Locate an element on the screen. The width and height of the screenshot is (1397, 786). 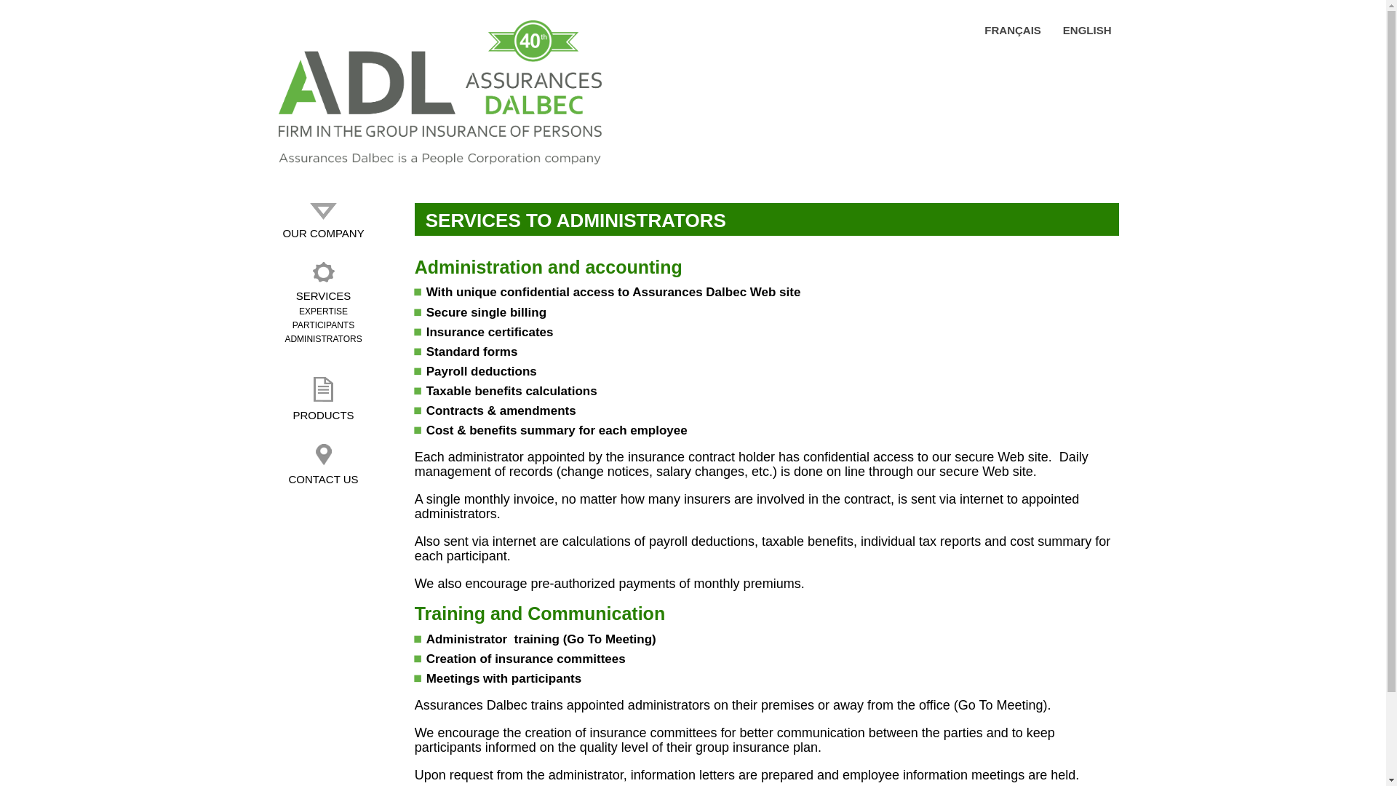
'ADMINISTRATORS' is located at coordinates (323, 339).